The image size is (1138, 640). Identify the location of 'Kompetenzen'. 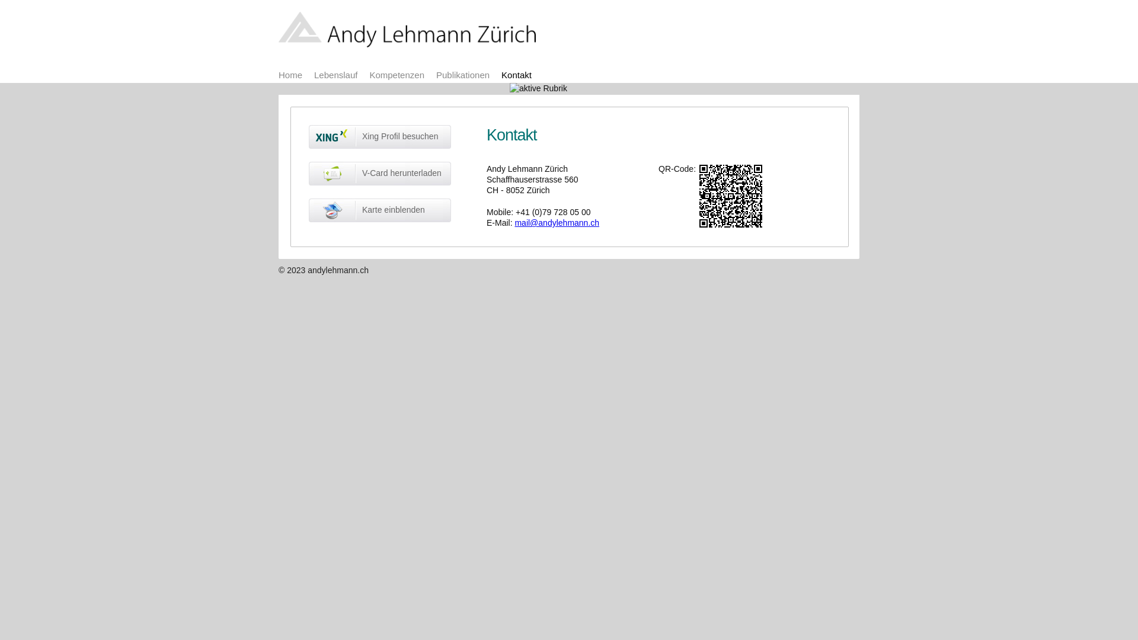
(397, 75).